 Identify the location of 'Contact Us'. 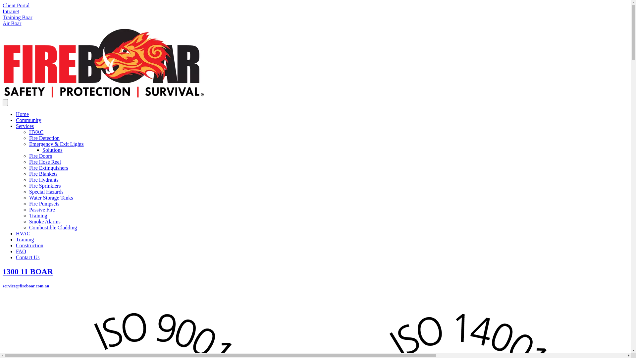
(27, 257).